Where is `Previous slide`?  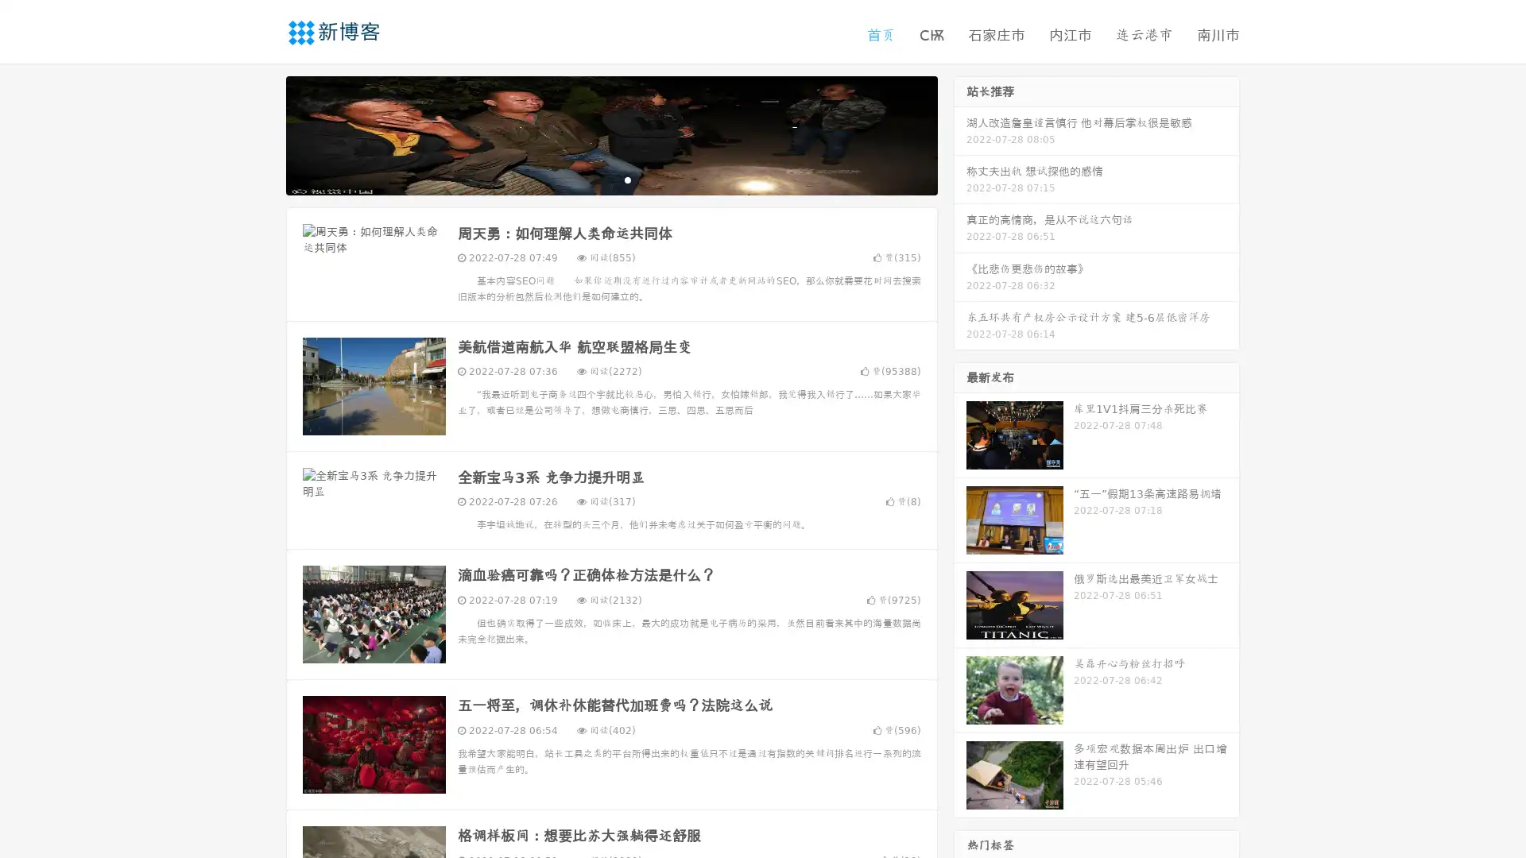 Previous slide is located at coordinates (262, 133).